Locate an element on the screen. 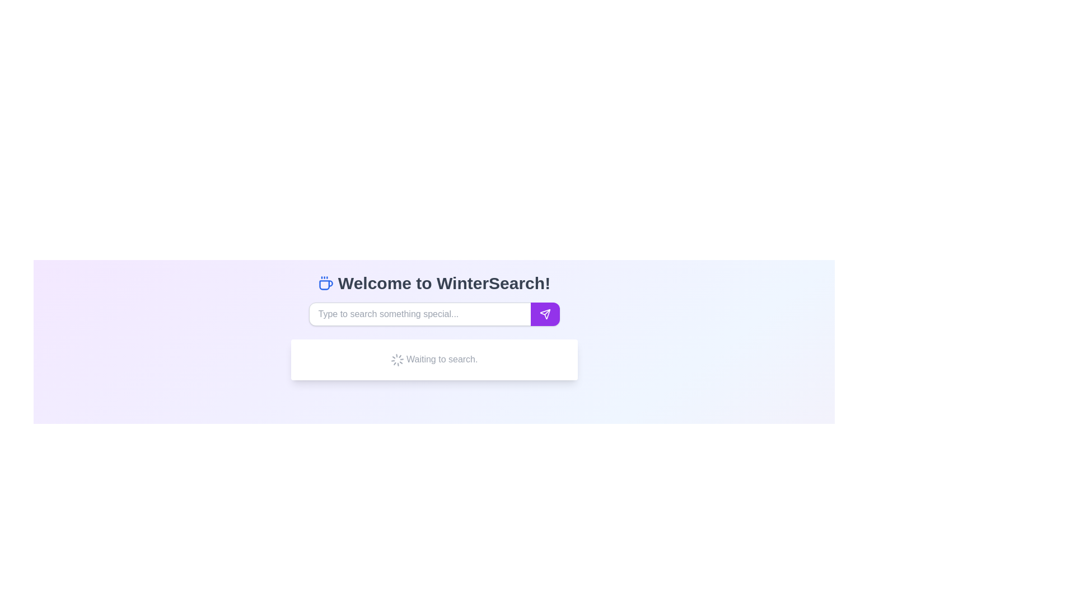  the prominently styled button with a purple background and a white paper plane icon located at the right end of the input field is located at coordinates (545, 314).